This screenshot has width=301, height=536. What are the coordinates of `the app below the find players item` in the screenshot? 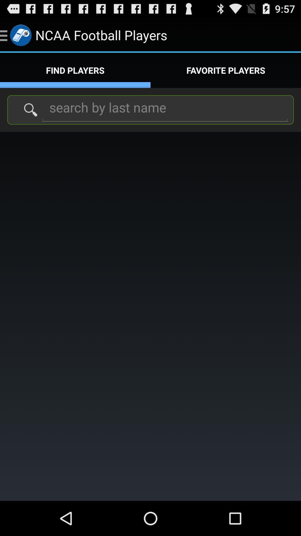 It's located at (165, 109).